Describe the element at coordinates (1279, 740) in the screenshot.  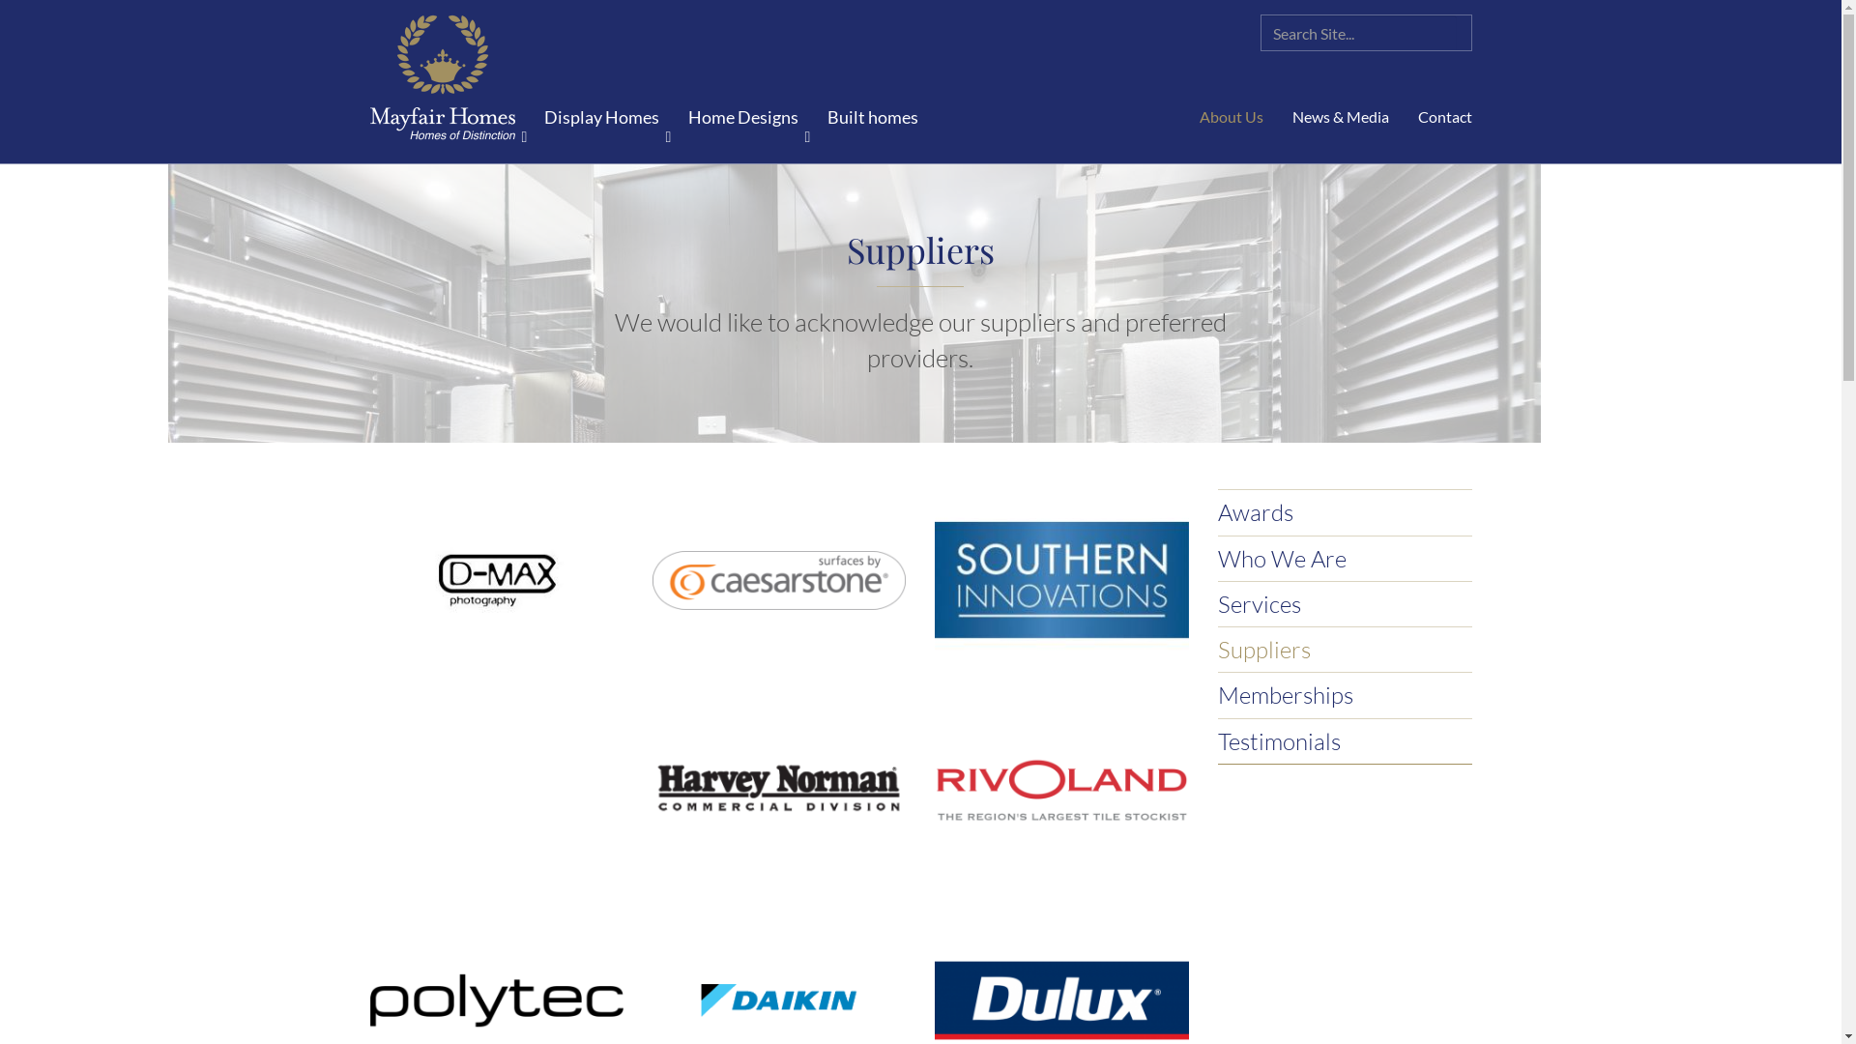
I see `'Testimonials'` at that location.